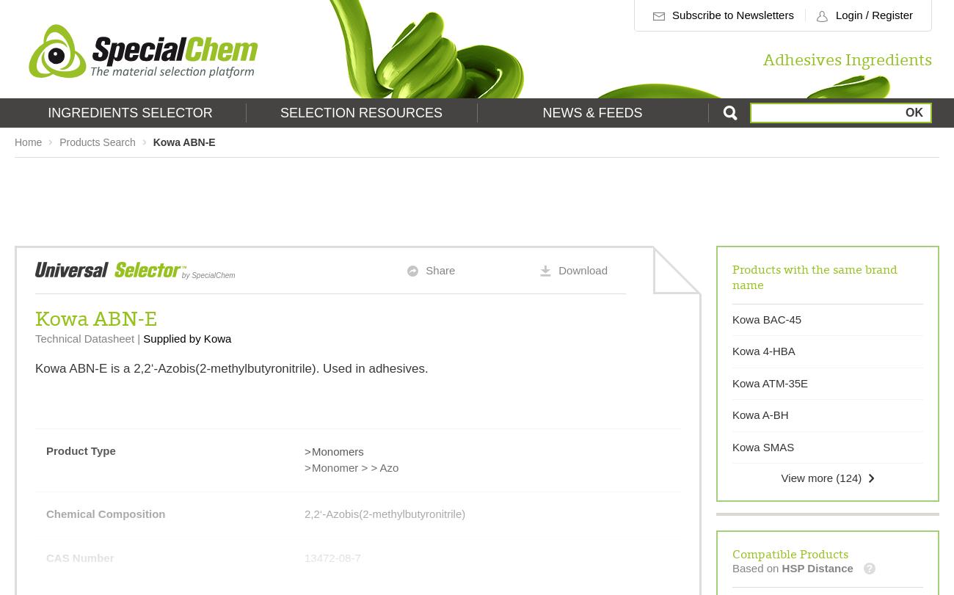  Describe the element at coordinates (79, 449) in the screenshot. I see `'Product Type'` at that location.